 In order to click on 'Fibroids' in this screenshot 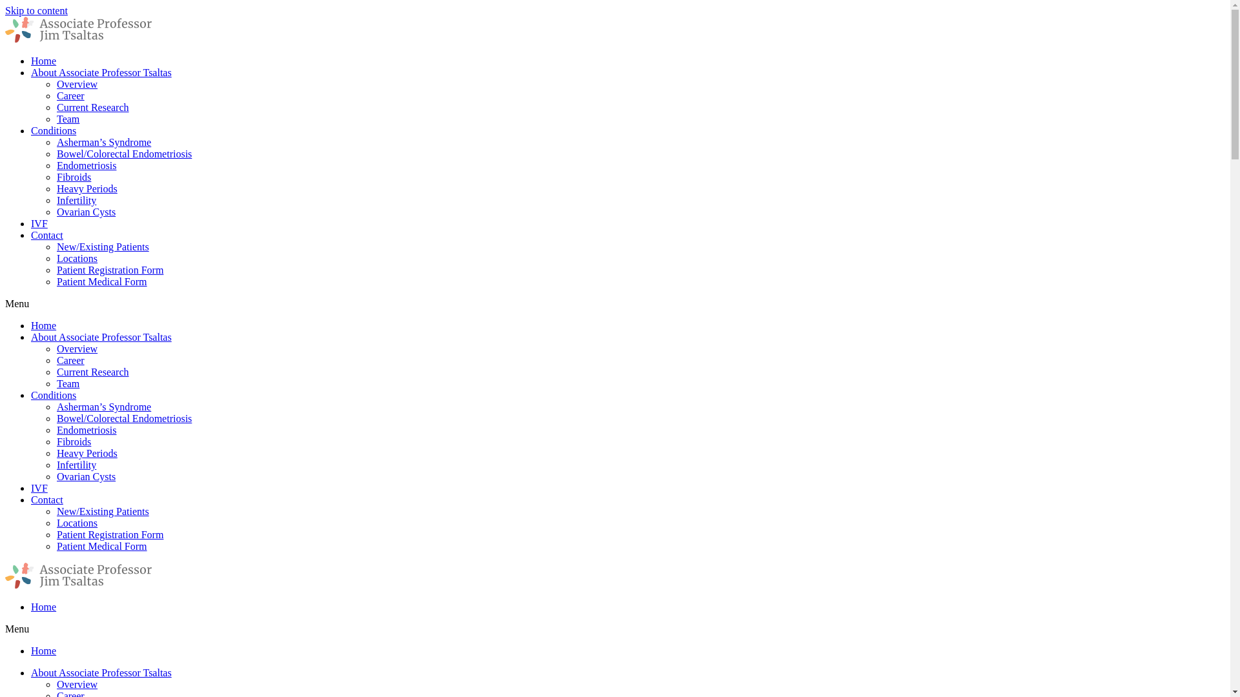, I will do `click(73, 441)`.